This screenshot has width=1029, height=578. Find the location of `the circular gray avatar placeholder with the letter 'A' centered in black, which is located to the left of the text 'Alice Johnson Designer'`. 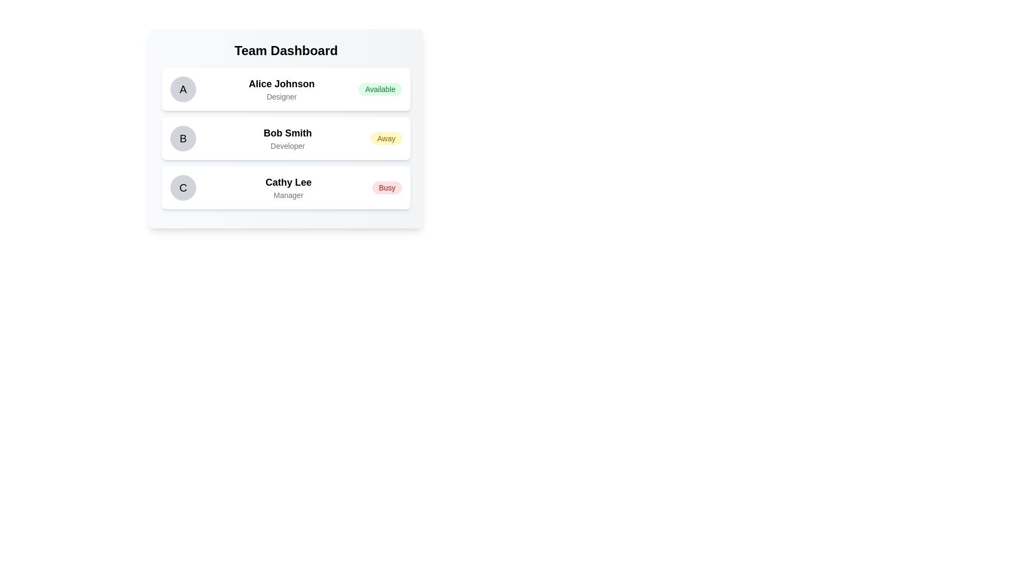

the circular gray avatar placeholder with the letter 'A' centered in black, which is located to the left of the text 'Alice Johnson Designer' is located at coordinates (183, 88).